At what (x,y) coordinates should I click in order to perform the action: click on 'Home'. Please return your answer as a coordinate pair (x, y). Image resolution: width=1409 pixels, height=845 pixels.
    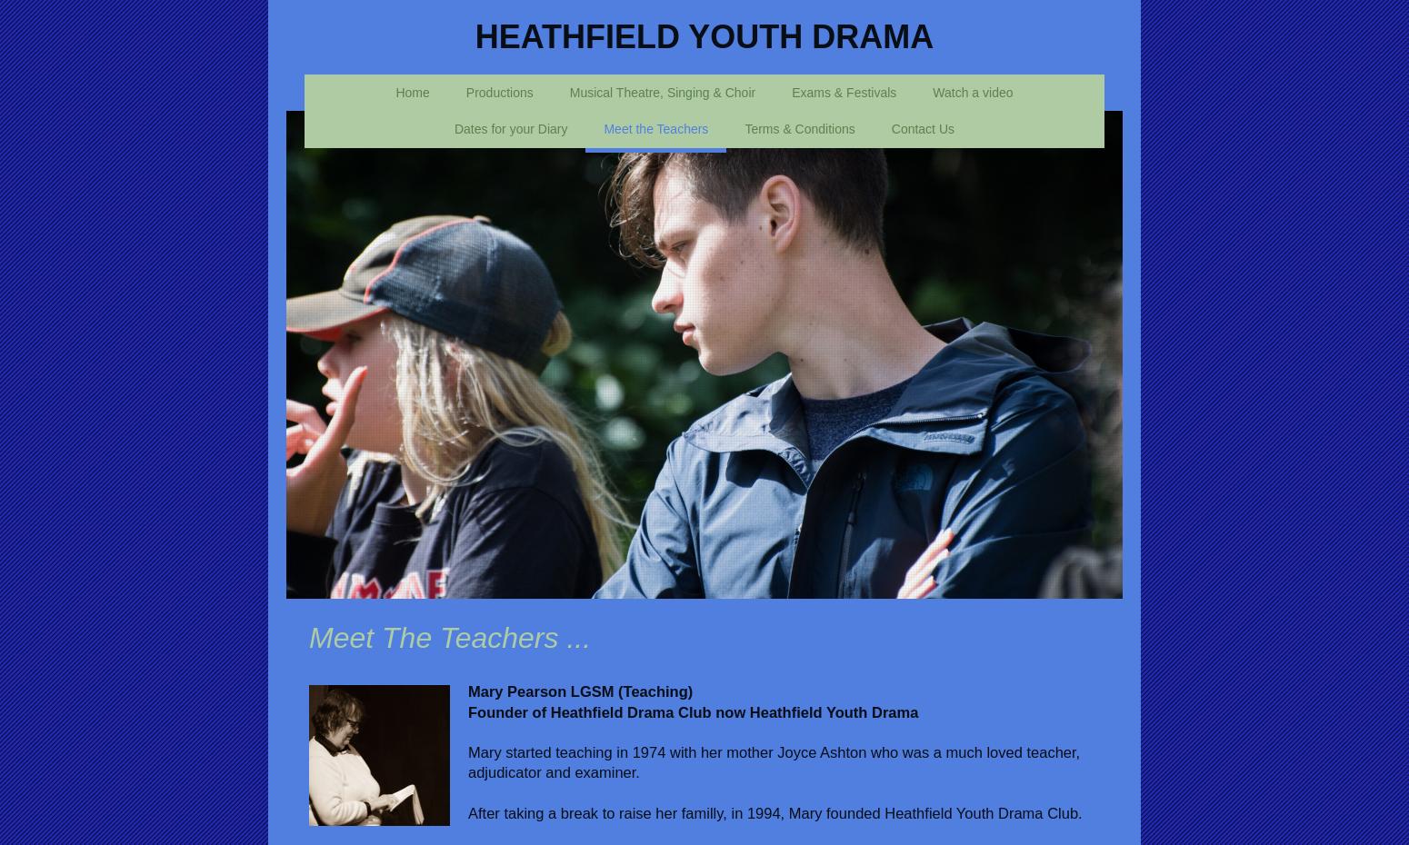
    Looking at the image, I should click on (412, 91).